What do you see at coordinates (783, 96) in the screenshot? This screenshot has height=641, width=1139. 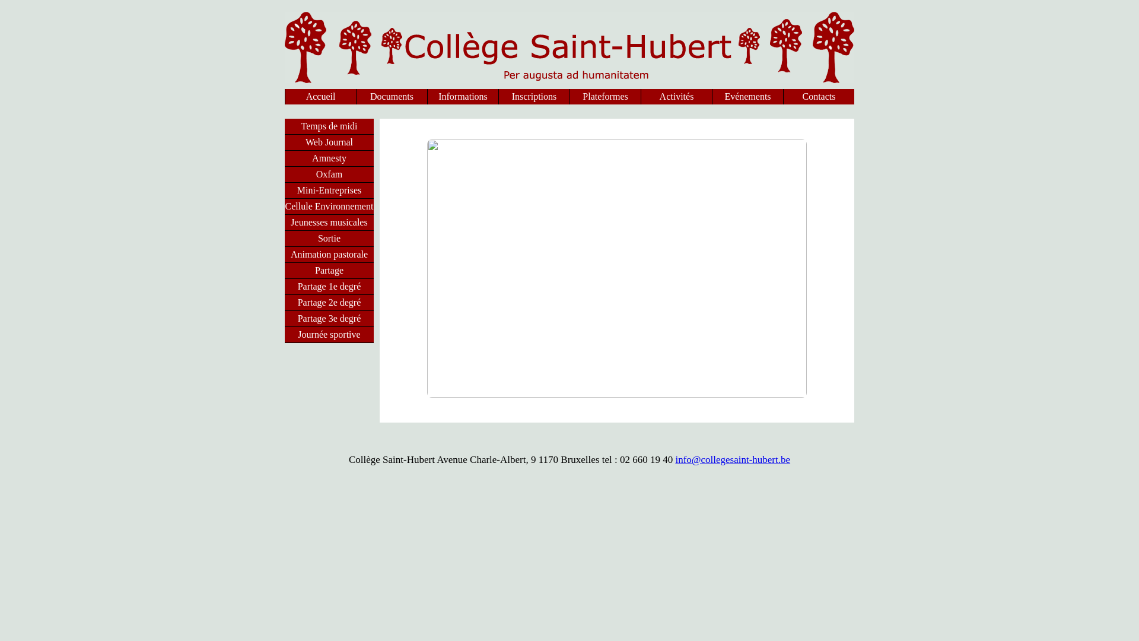 I see `'Contacts'` at bounding box center [783, 96].